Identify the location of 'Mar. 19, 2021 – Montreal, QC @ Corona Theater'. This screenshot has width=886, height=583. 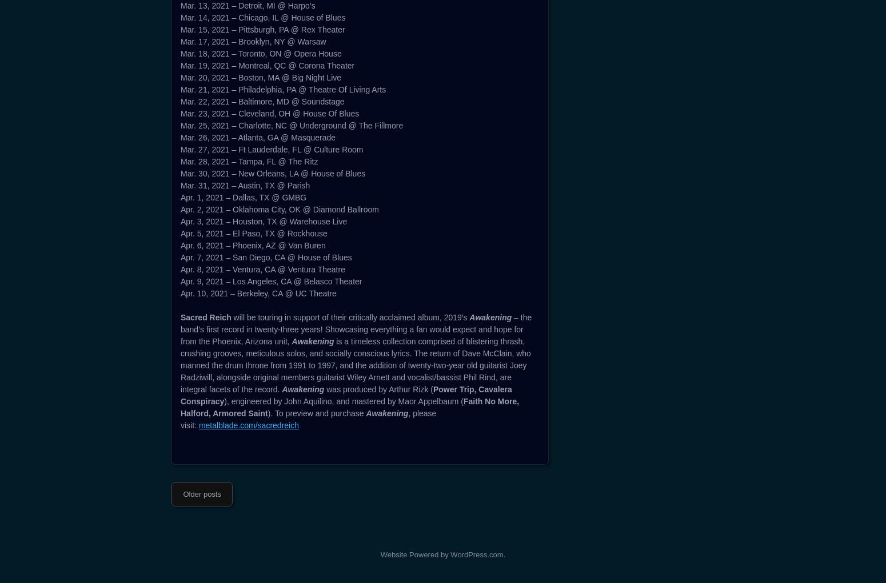
(266, 398).